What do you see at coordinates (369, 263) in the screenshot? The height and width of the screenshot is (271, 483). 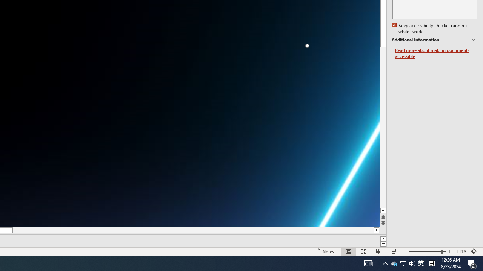 I see `'AutomationID: 4105'` at bounding box center [369, 263].